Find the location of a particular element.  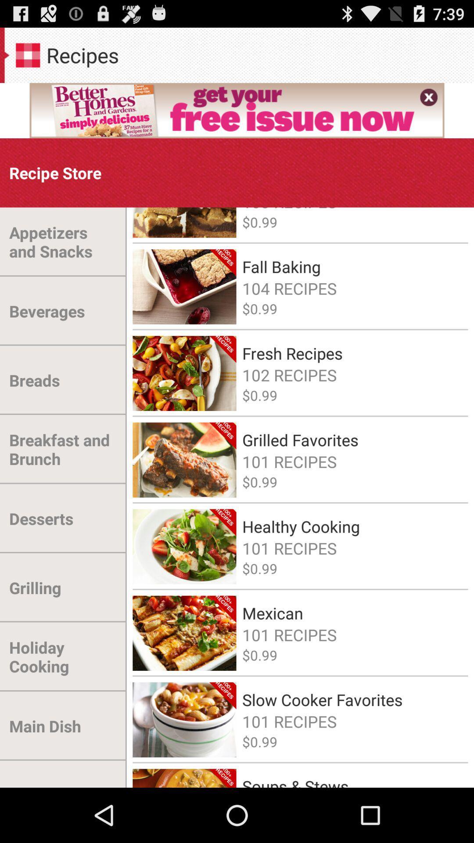

appetizers and snacks is located at coordinates (63, 242).